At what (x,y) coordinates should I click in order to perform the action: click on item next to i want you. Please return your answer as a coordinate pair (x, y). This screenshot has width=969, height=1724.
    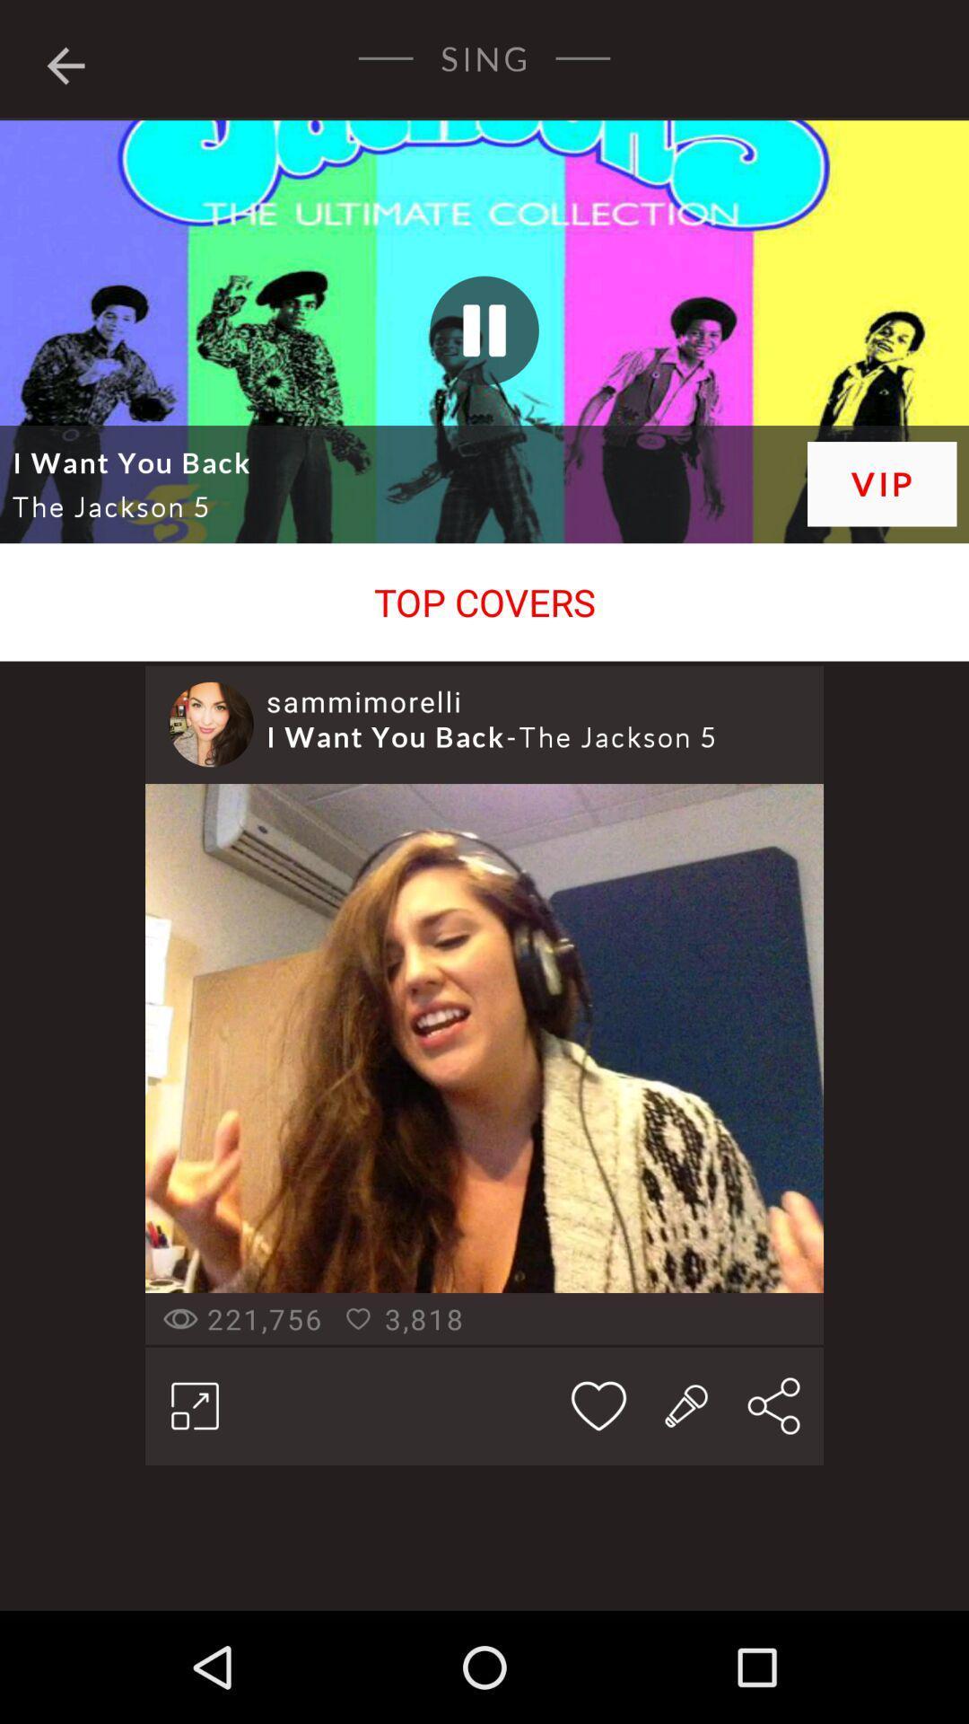
    Looking at the image, I should click on (881, 484).